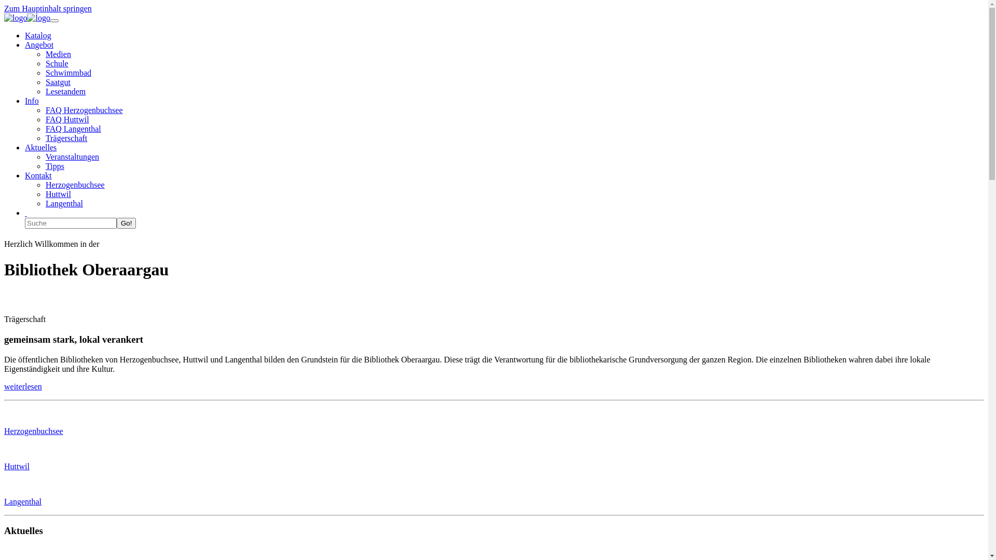 This screenshot has width=996, height=560. I want to click on 'Angebot', so click(39, 44).